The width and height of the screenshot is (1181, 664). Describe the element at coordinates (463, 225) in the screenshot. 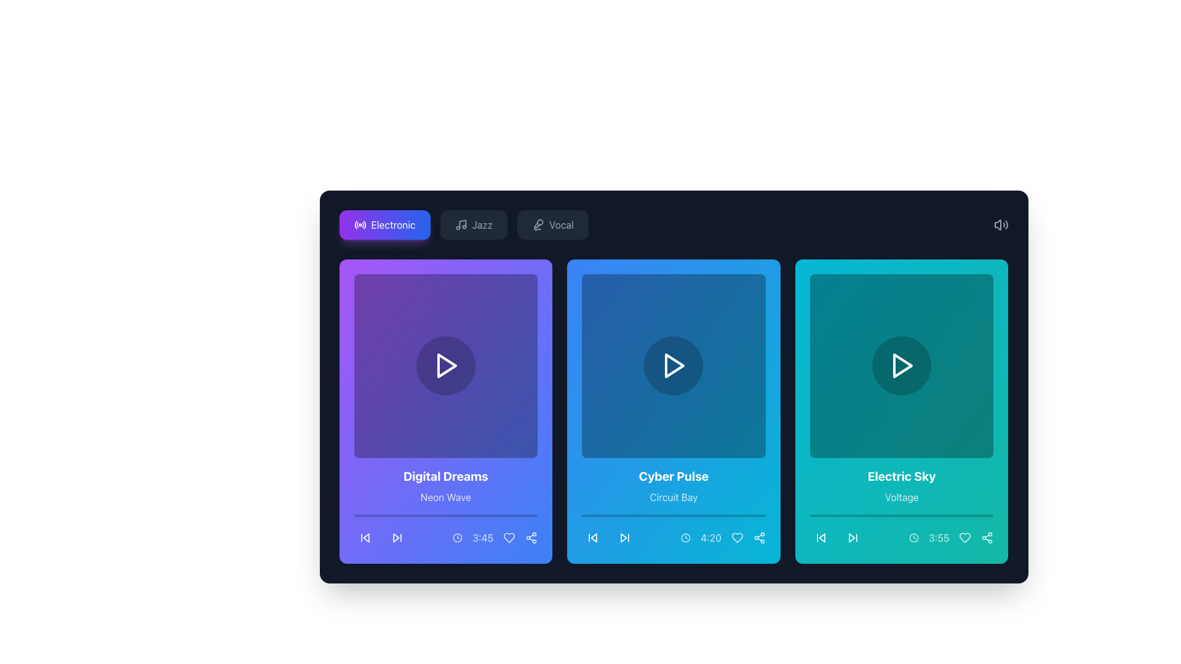

I see `the 'Electronic' genre button to observe the hover effects` at that location.